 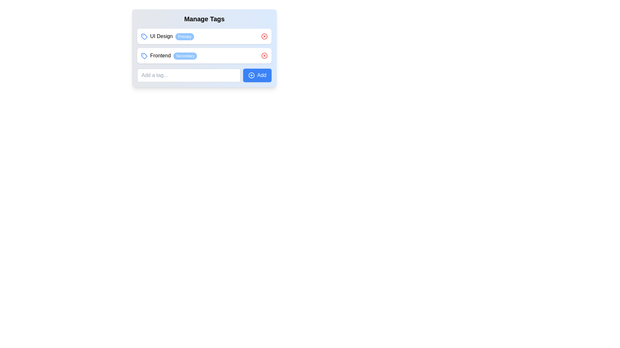 I want to click on the core circular part of the close button icon located to the right of the 'Frontend' tag in the 'Manage Tags' panel, so click(x=264, y=55).